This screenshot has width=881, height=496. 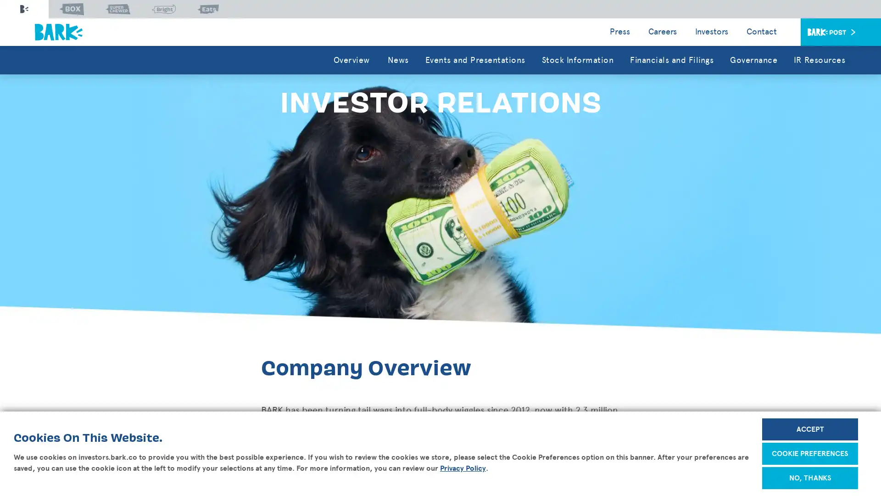 What do you see at coordinates (841, 422) in the screenshot?
I see `CLOSE DISCLAIMER` at bounding box center [841, 422].